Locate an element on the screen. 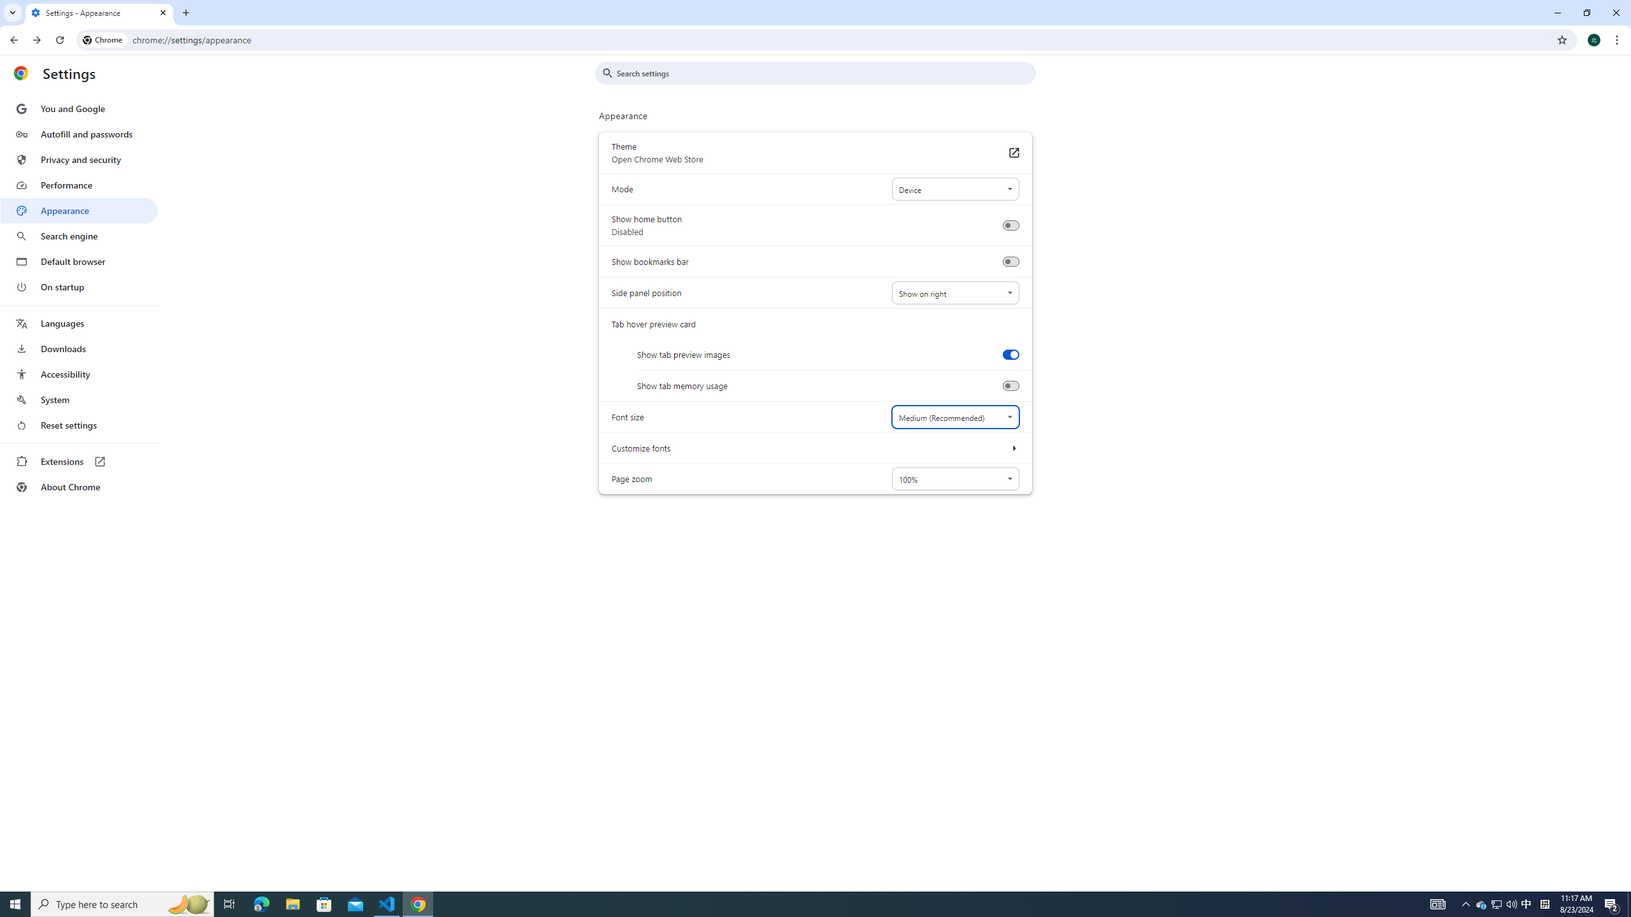 This screenshot has width=1631, height=917. 'Reset settings' is located at coordinates (78, 425).